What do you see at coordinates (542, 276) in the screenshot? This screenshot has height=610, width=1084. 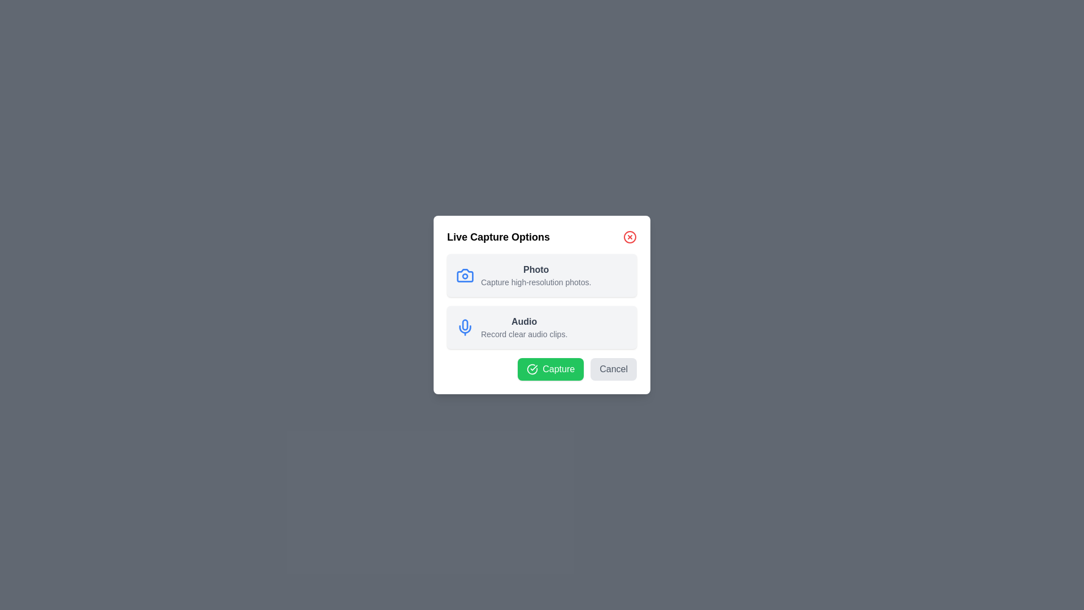 I see `the capture mode Photo` at bounding box center [542, 276].